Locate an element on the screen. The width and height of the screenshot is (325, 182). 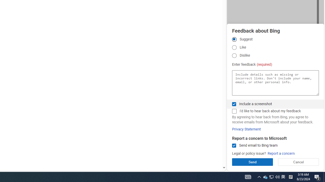
'Include a screenshot' is located at coordinates (234, 104).